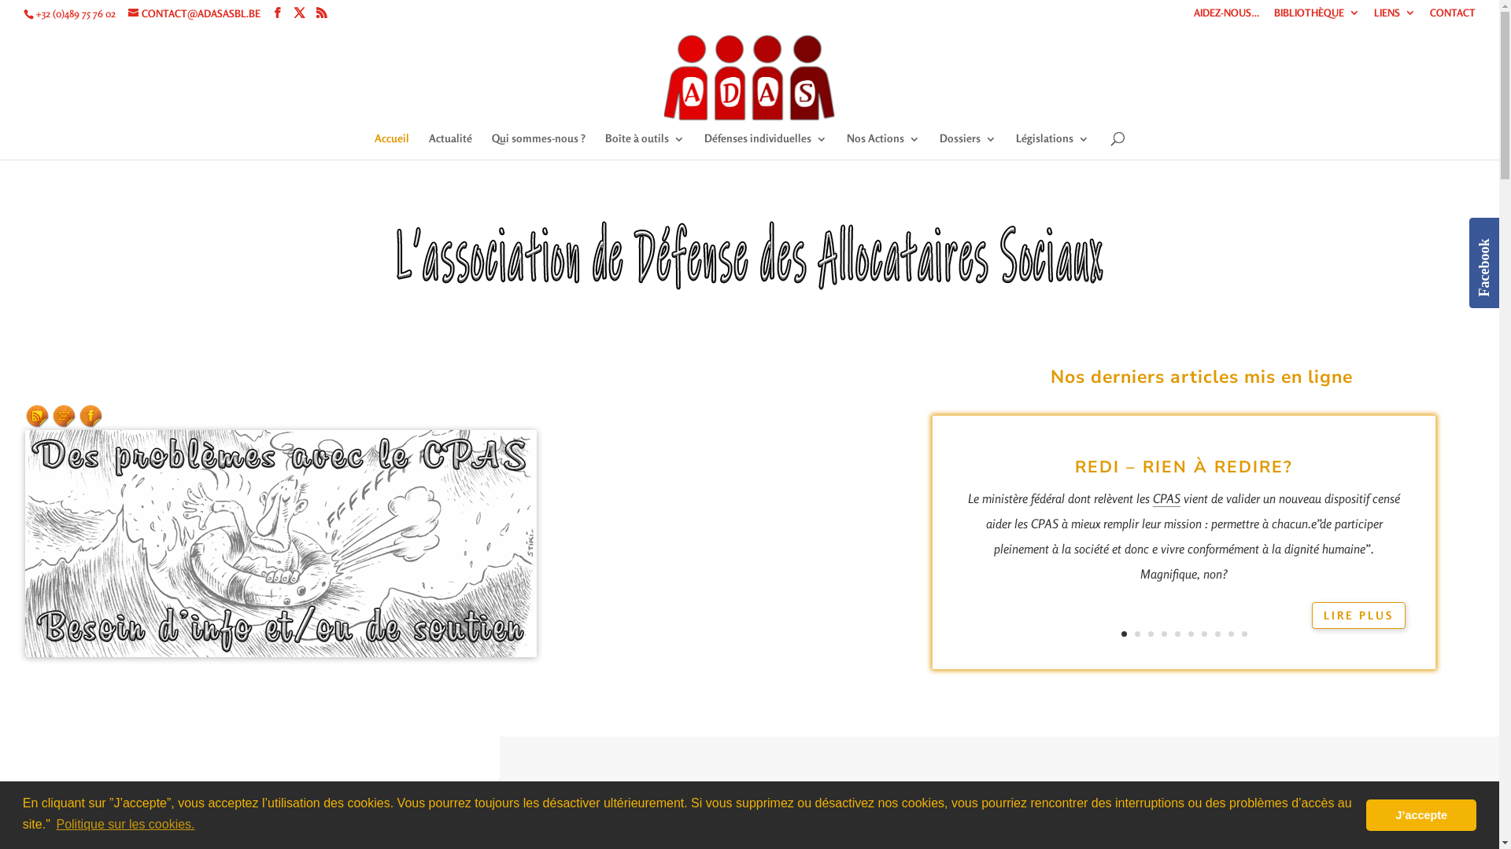 The image size is (1511, 849). Describe the element at coordinates (1230, 633) in the screenshot. I see `'9'` at that location.